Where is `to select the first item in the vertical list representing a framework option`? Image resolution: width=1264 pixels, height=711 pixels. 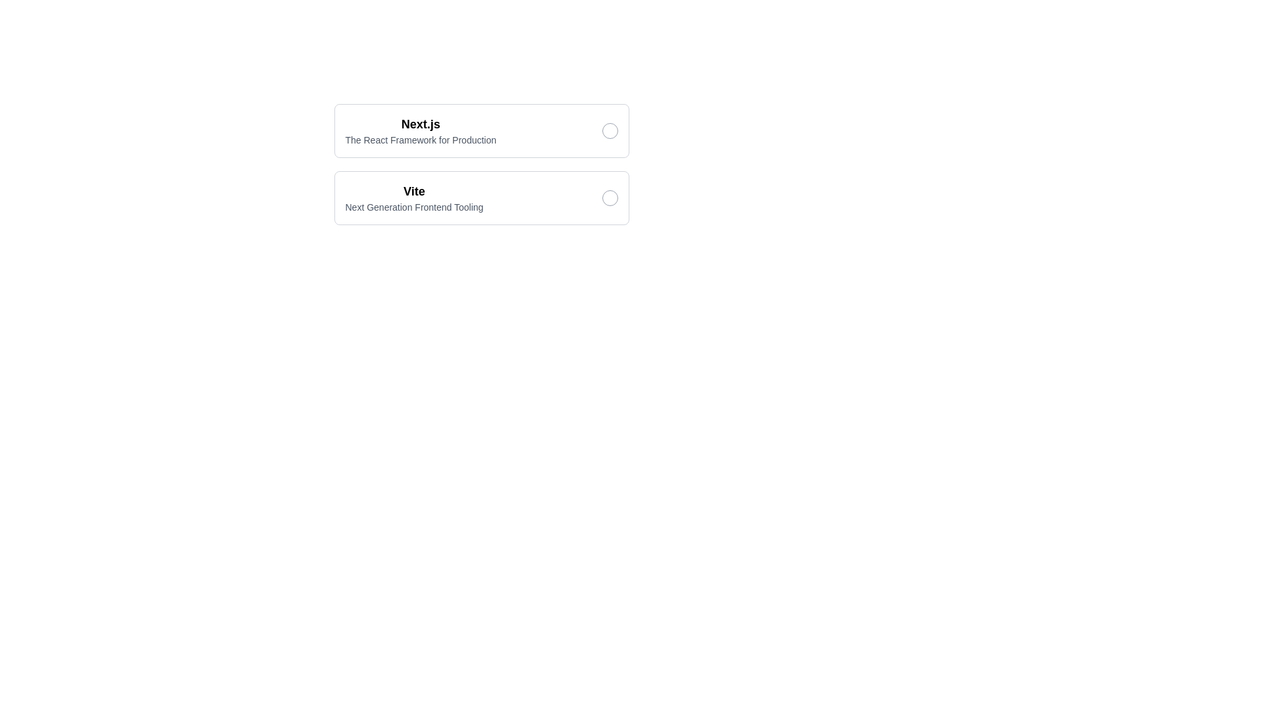
to select the first item in the vertical list representing a framework option is located at coordinates (481, 131).